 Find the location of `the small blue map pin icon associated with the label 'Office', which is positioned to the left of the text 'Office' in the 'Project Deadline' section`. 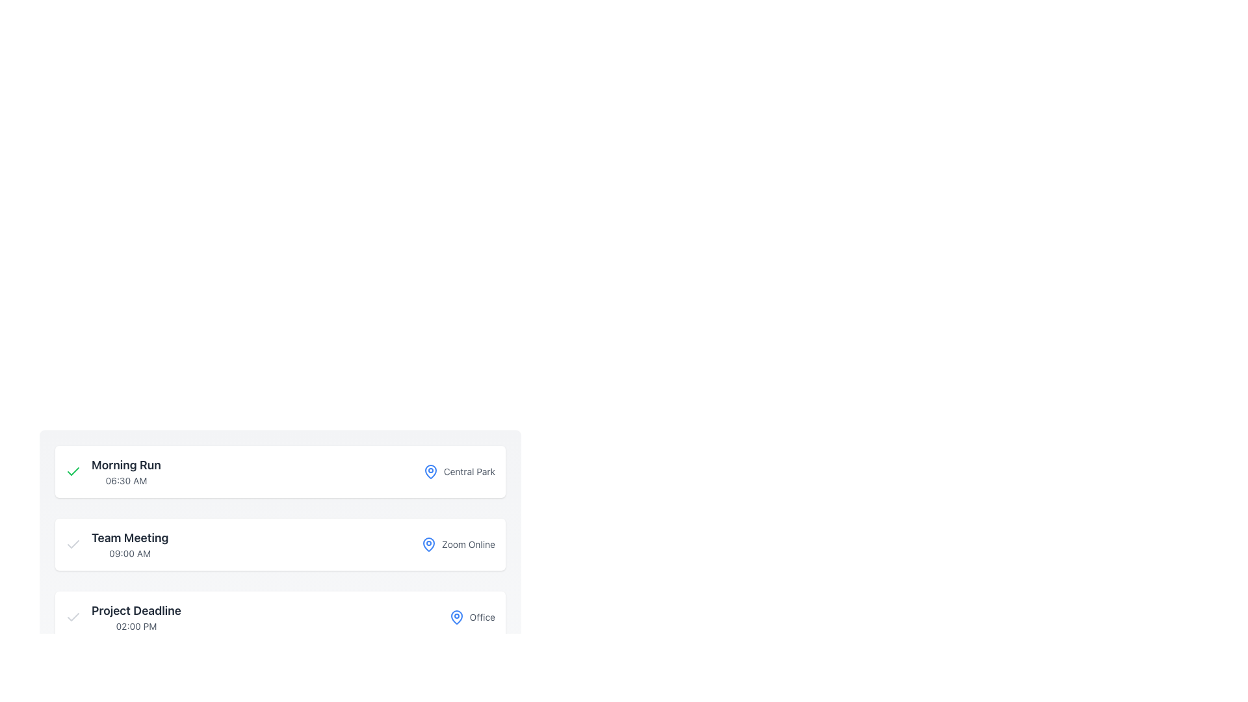

the small blue map pin icon associated with the label 'Office', which is positioned to the left of the text 'Office' in the 'Project Deadline' section is located at coordinates (456, 616).